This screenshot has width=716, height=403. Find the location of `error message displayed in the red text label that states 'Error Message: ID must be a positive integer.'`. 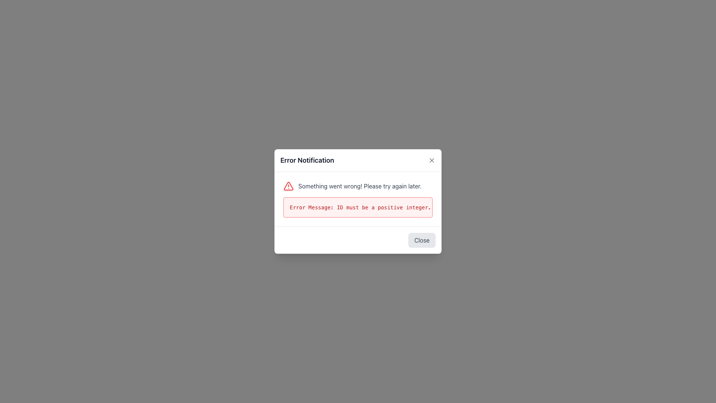

error message displayed in the red text label that states 'Error Message: ID must be a positive integer.' is located at coordinates (358, 207).